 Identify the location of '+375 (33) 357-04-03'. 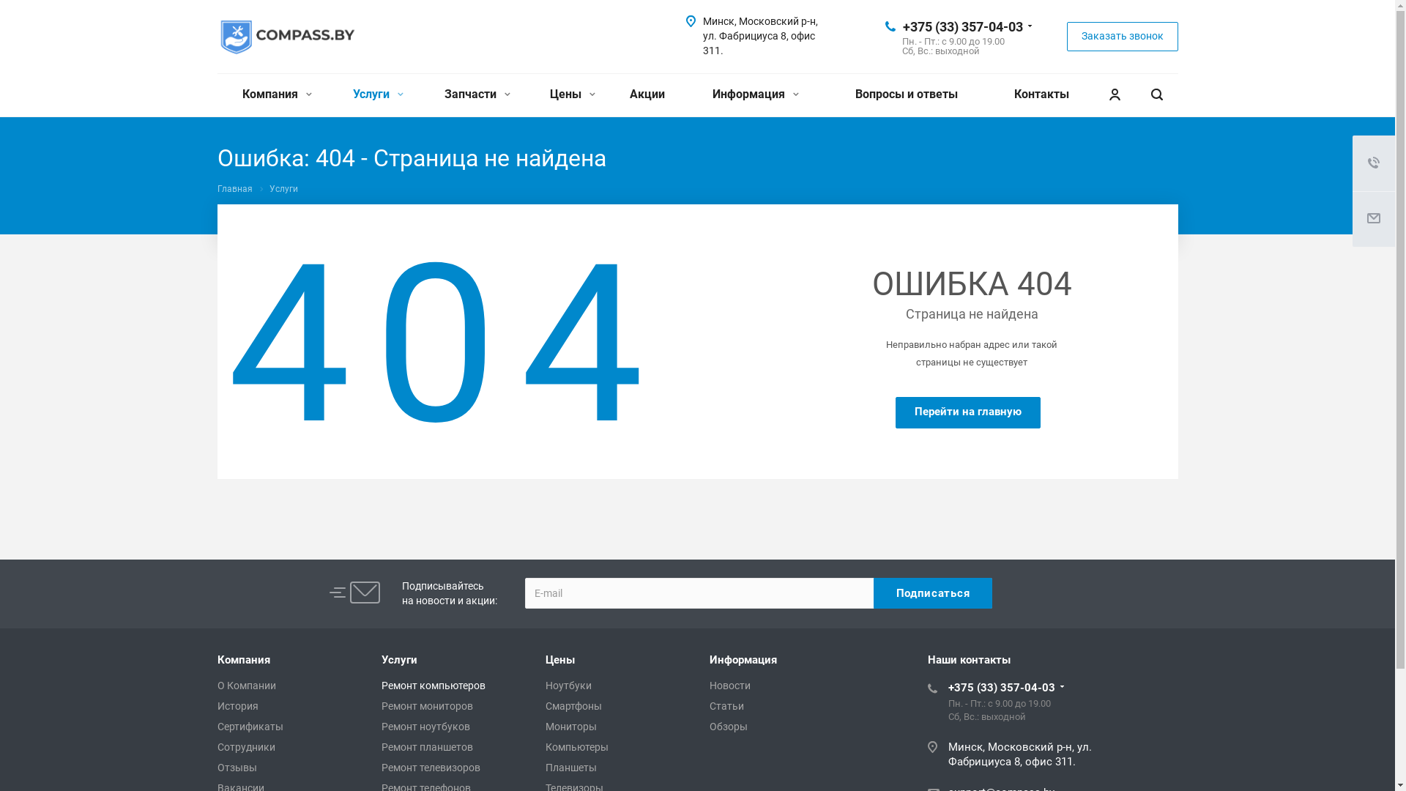
(962, 26).